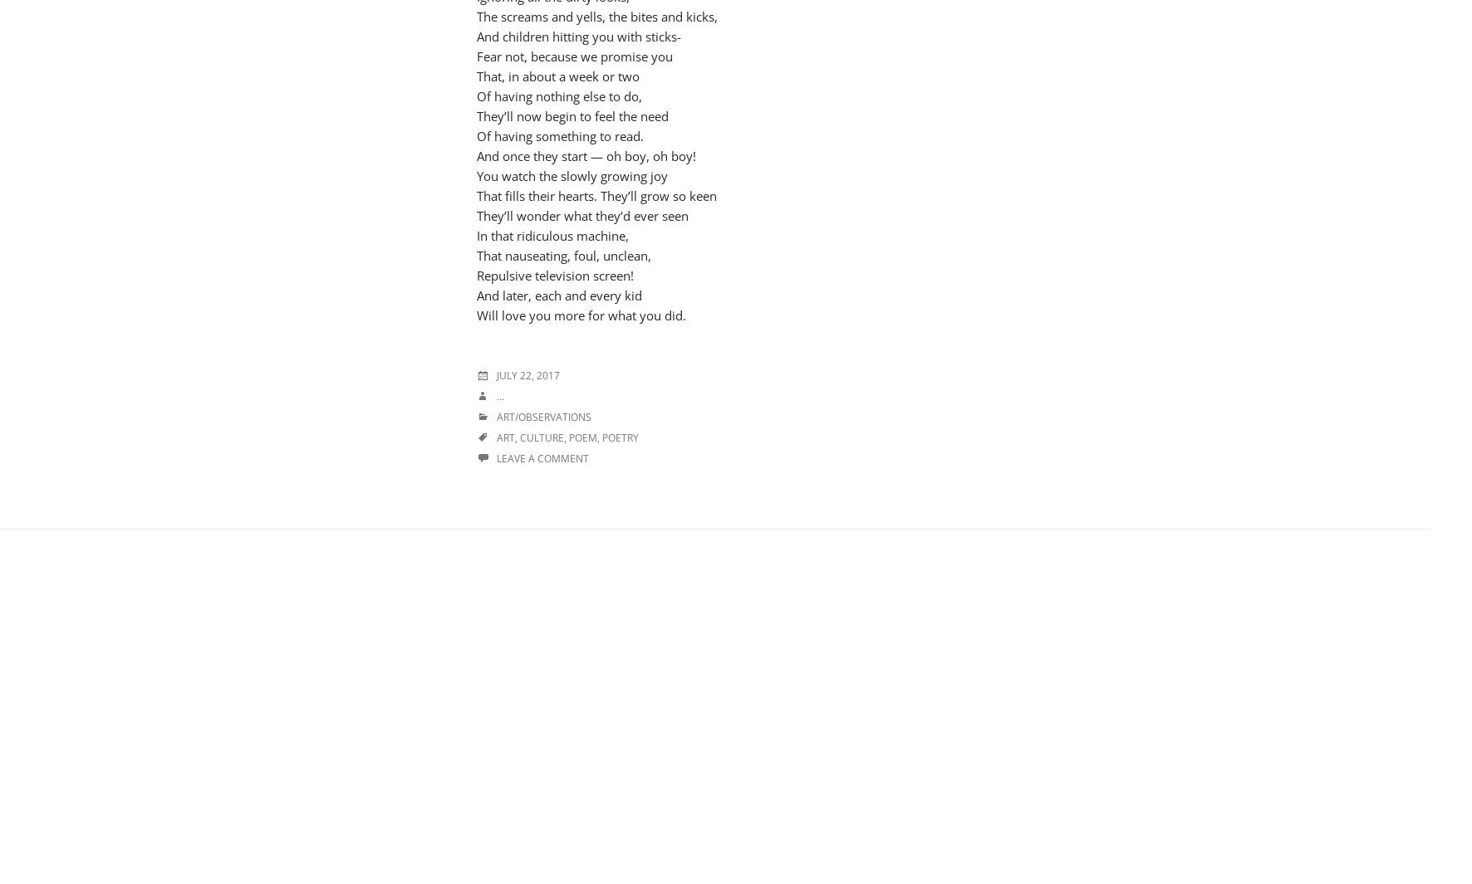 The width and height of the screenshot is (1472, 884). What do you see at coordinates (564, 254) in the screenshot?
I see `'That nauseating, foul, unclean,'` at bounding box center [564, 254].